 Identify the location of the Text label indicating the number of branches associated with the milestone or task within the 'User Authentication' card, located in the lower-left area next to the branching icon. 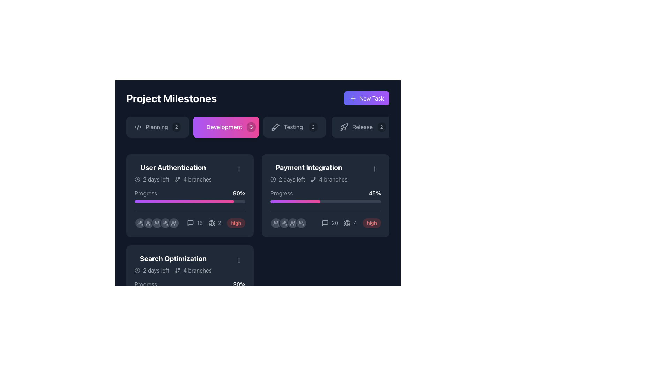
(197, 179).